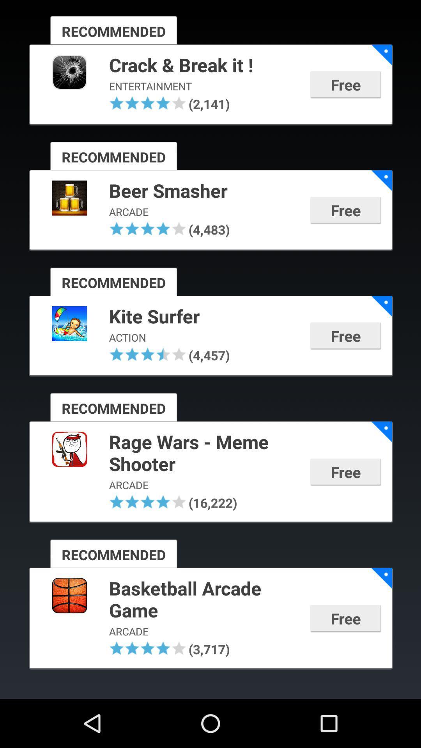 This screenshot has height=748, width=421. I want to click on icon below arcade item, so click(117, 502).